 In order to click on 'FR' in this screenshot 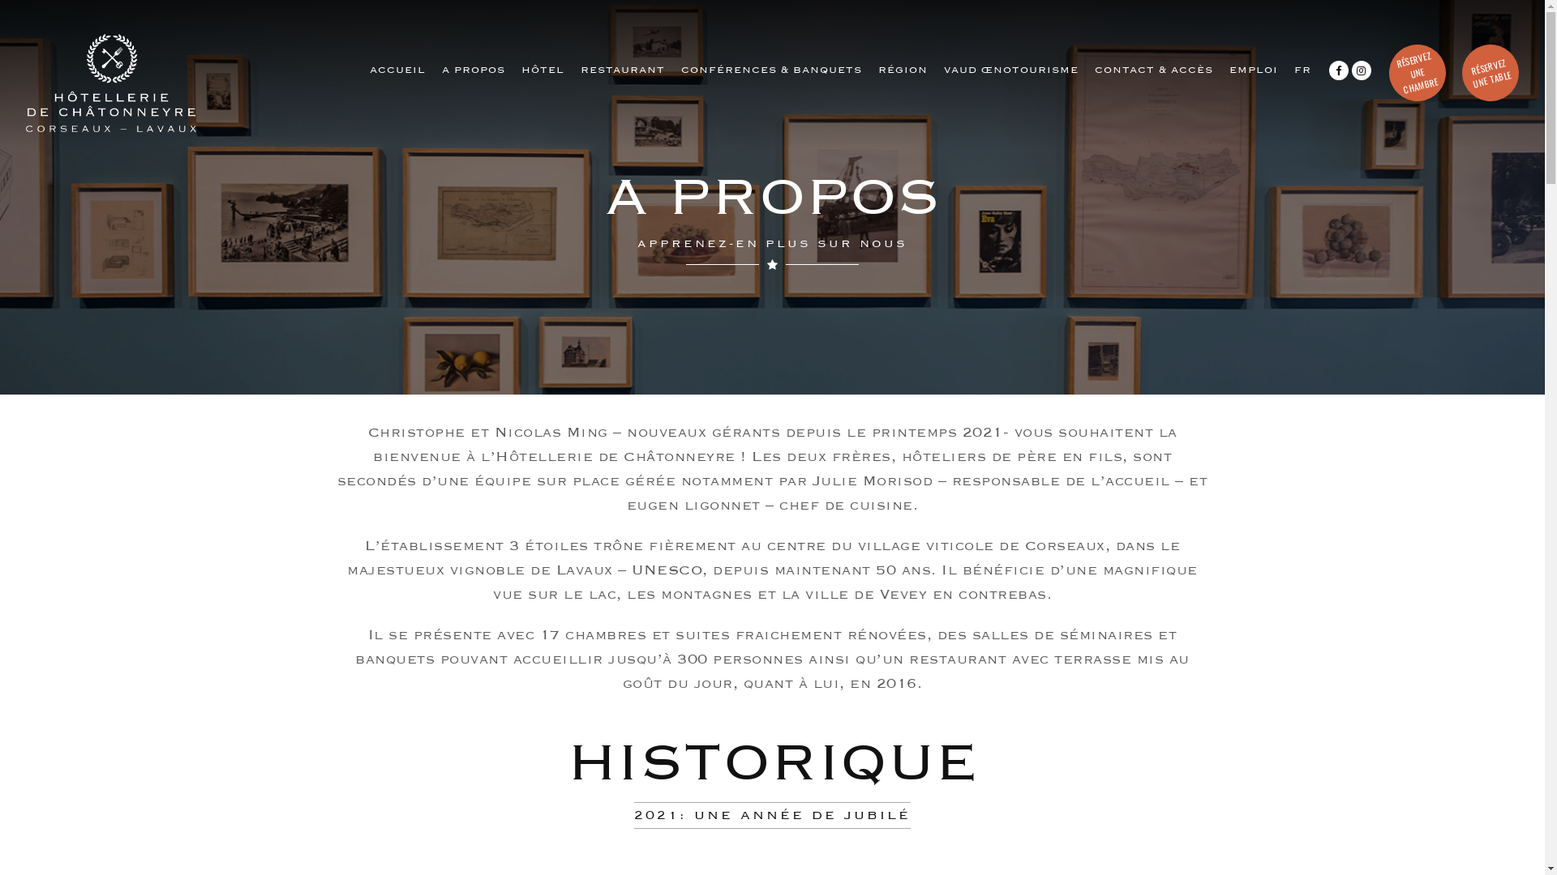, I will do `click(1302, 68)`.